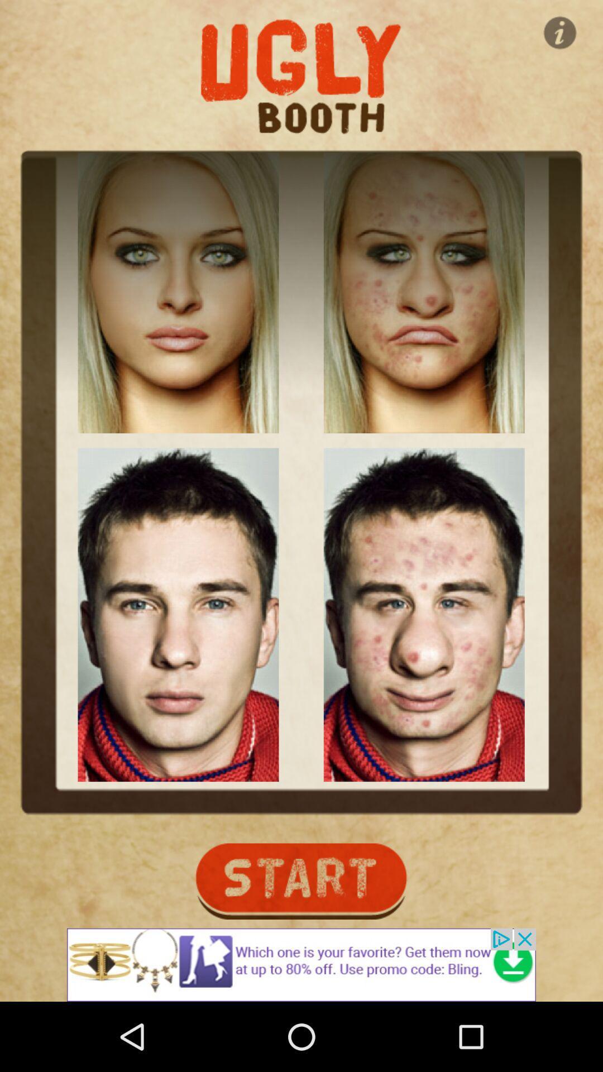  What do you see at coordinates (560, 32) in the screenshot?
I see `the info icon` at bounding box center [560, 32].